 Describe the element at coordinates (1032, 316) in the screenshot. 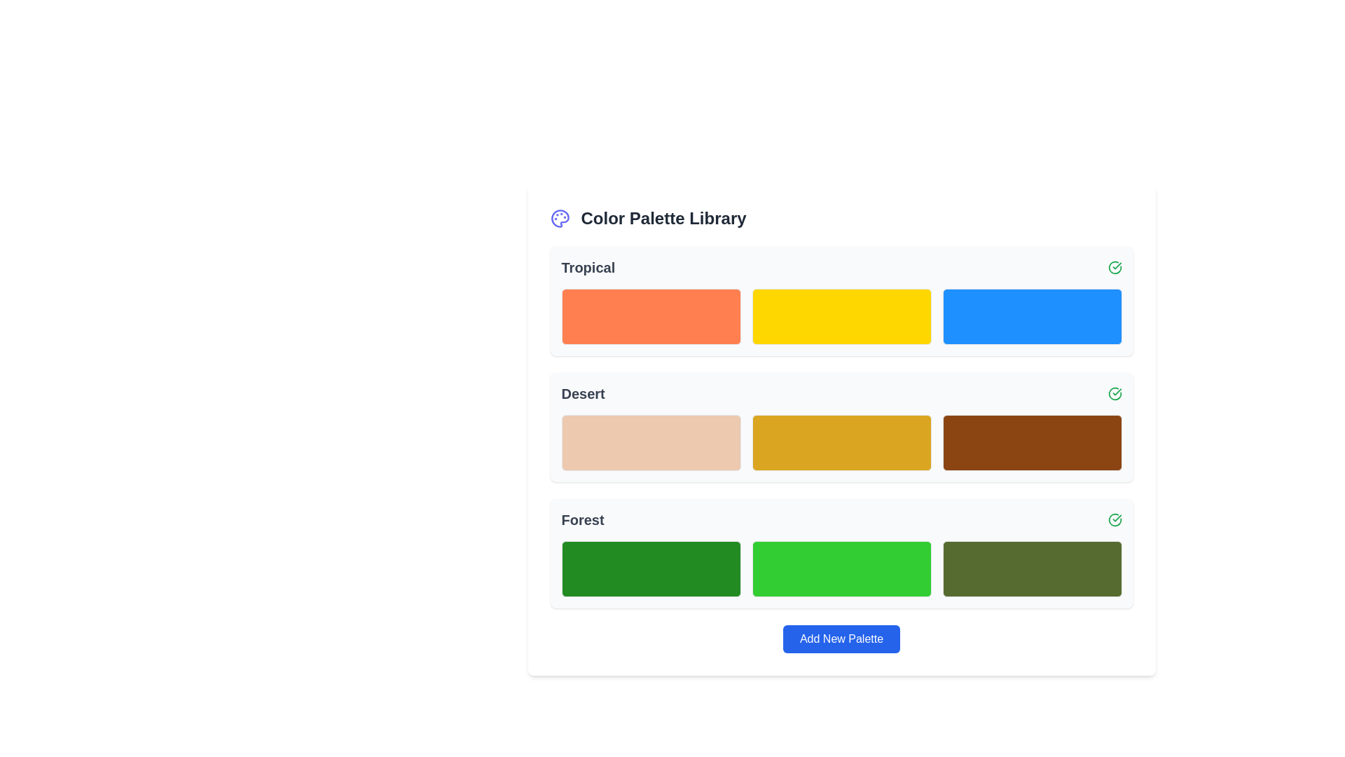

I see `the bright blue color palette swatch with rounded corners located in the Color Palette Library below the 'Tropical' section` at that location.